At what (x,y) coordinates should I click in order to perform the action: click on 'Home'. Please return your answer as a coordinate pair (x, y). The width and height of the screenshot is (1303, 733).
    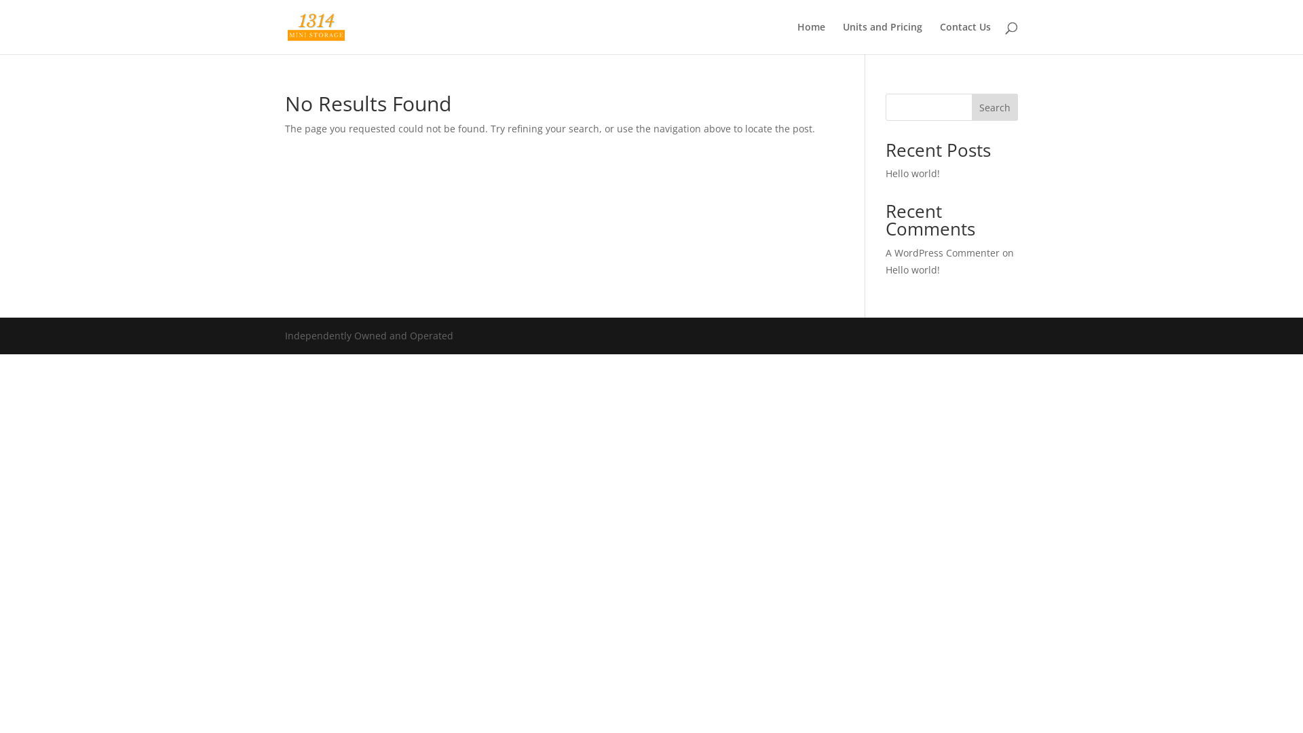
    Looking at the image, I should click on (811, 37).